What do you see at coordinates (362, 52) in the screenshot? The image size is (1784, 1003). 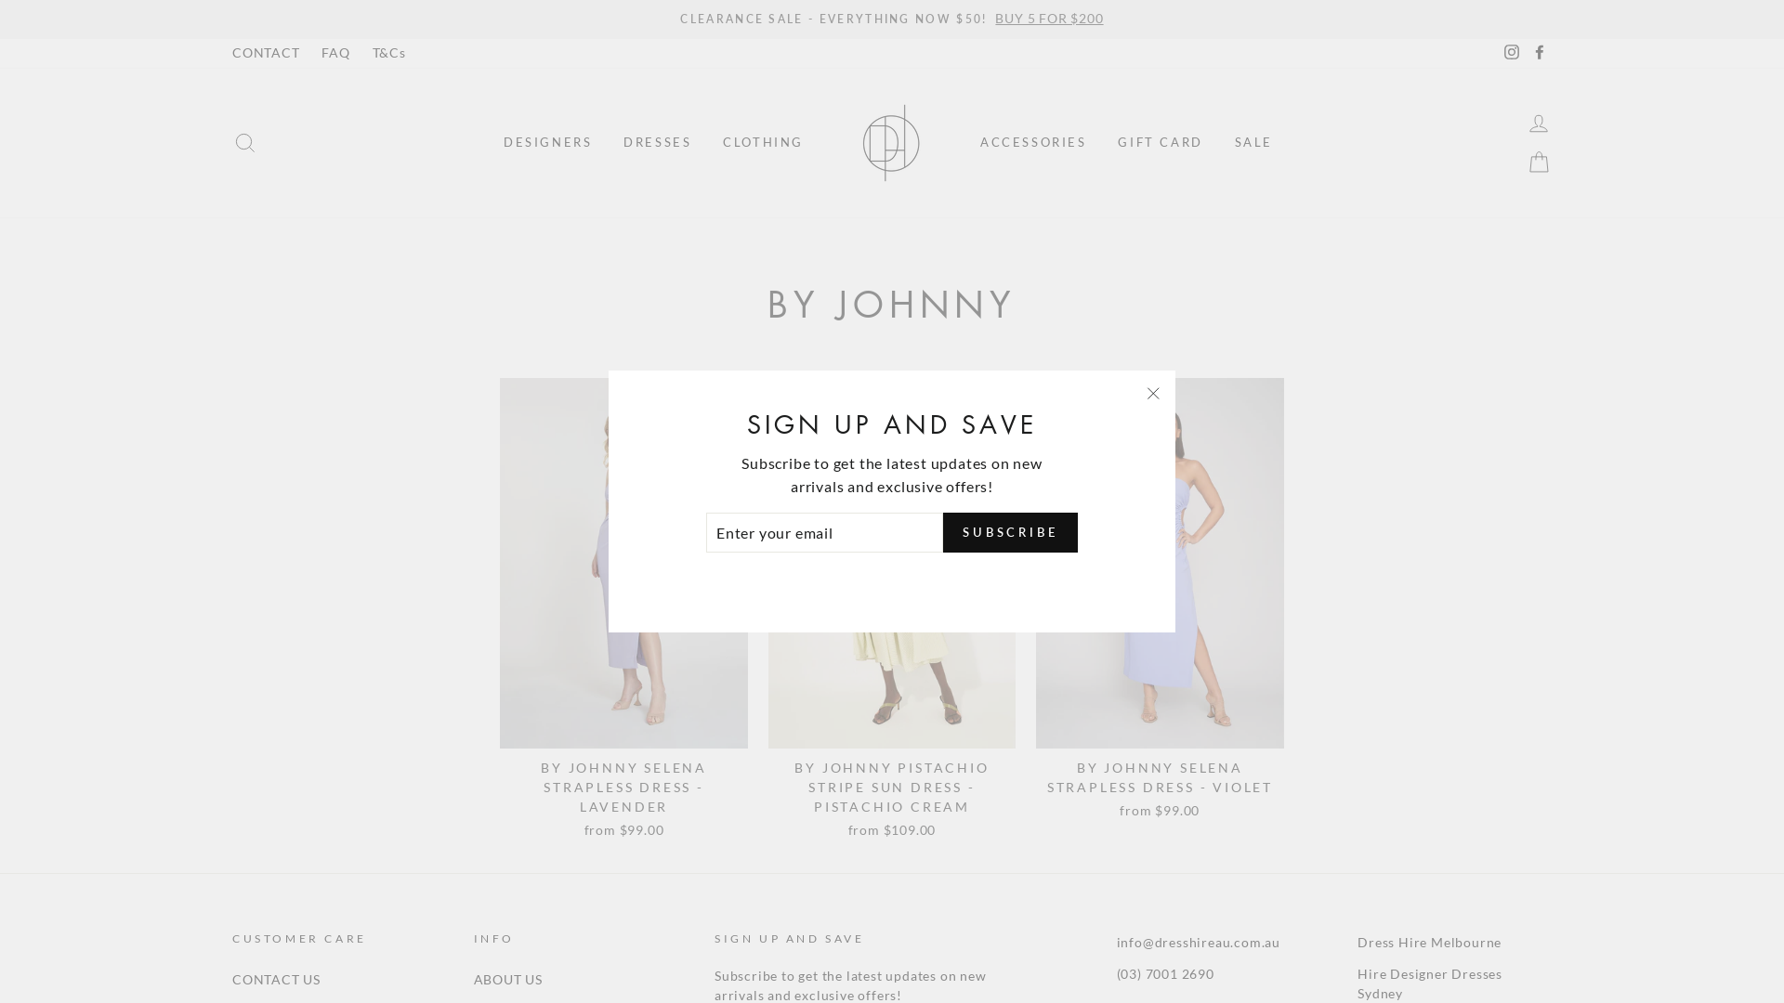 I see `'T&Cs'` at bounding box center [362, 52].